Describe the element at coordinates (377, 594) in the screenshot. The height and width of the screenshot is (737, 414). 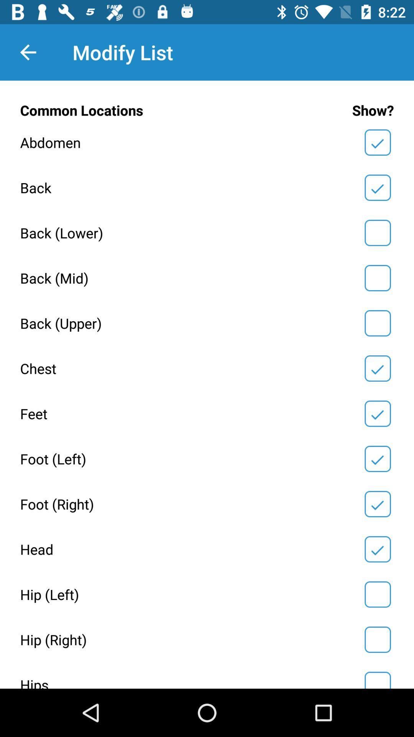
I see `yes/no selection box` at that location.